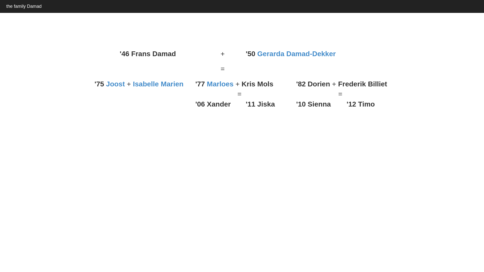  What do you see at coordinates (115, 84) in the screenshot?
I see `'Joost'` at bounding box center [115, 84].